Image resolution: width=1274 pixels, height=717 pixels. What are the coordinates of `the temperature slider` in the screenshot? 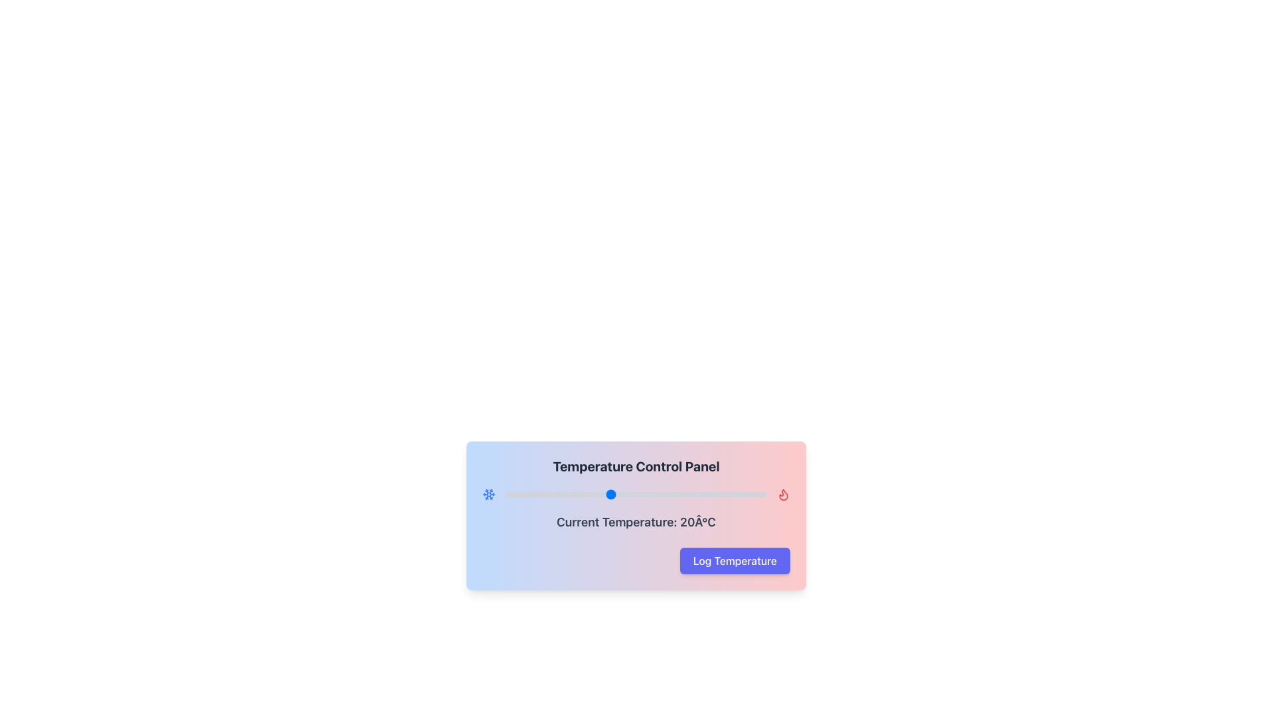 It's located at (651, 494).